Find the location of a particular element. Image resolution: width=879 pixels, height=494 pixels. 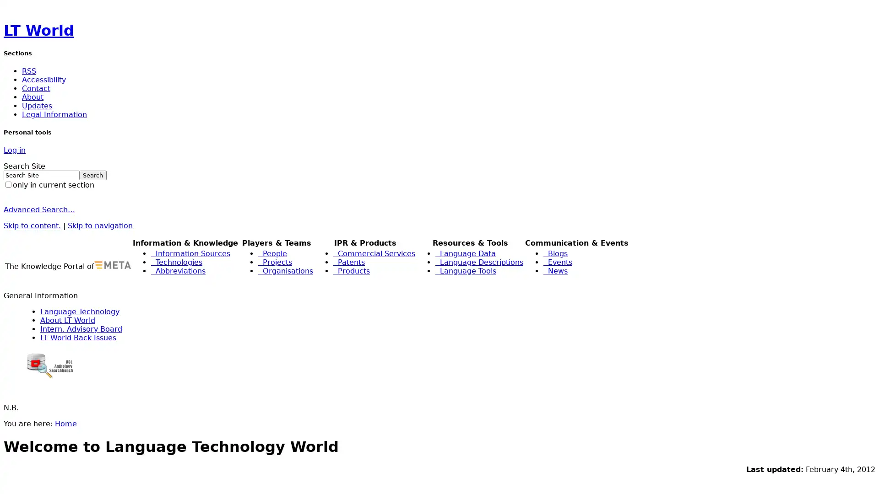

Search is located at coordinates (92, 175).